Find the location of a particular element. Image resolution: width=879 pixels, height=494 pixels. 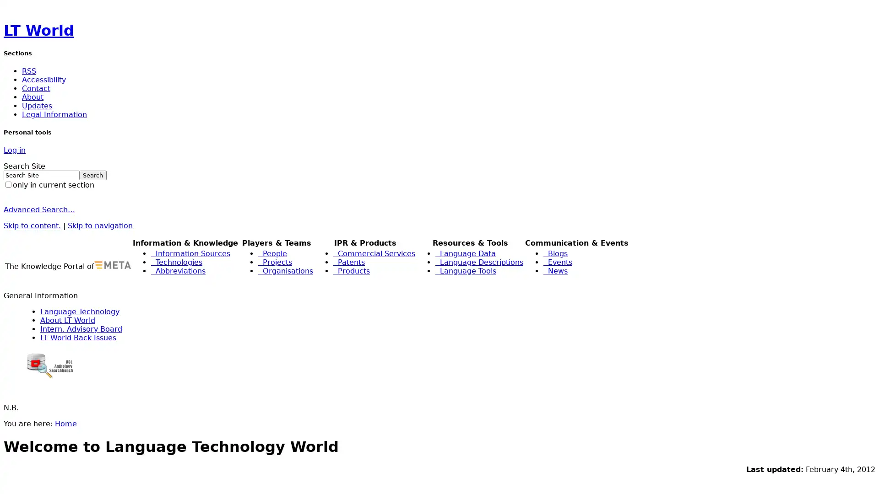

Search is located at coordinates (92, 175).